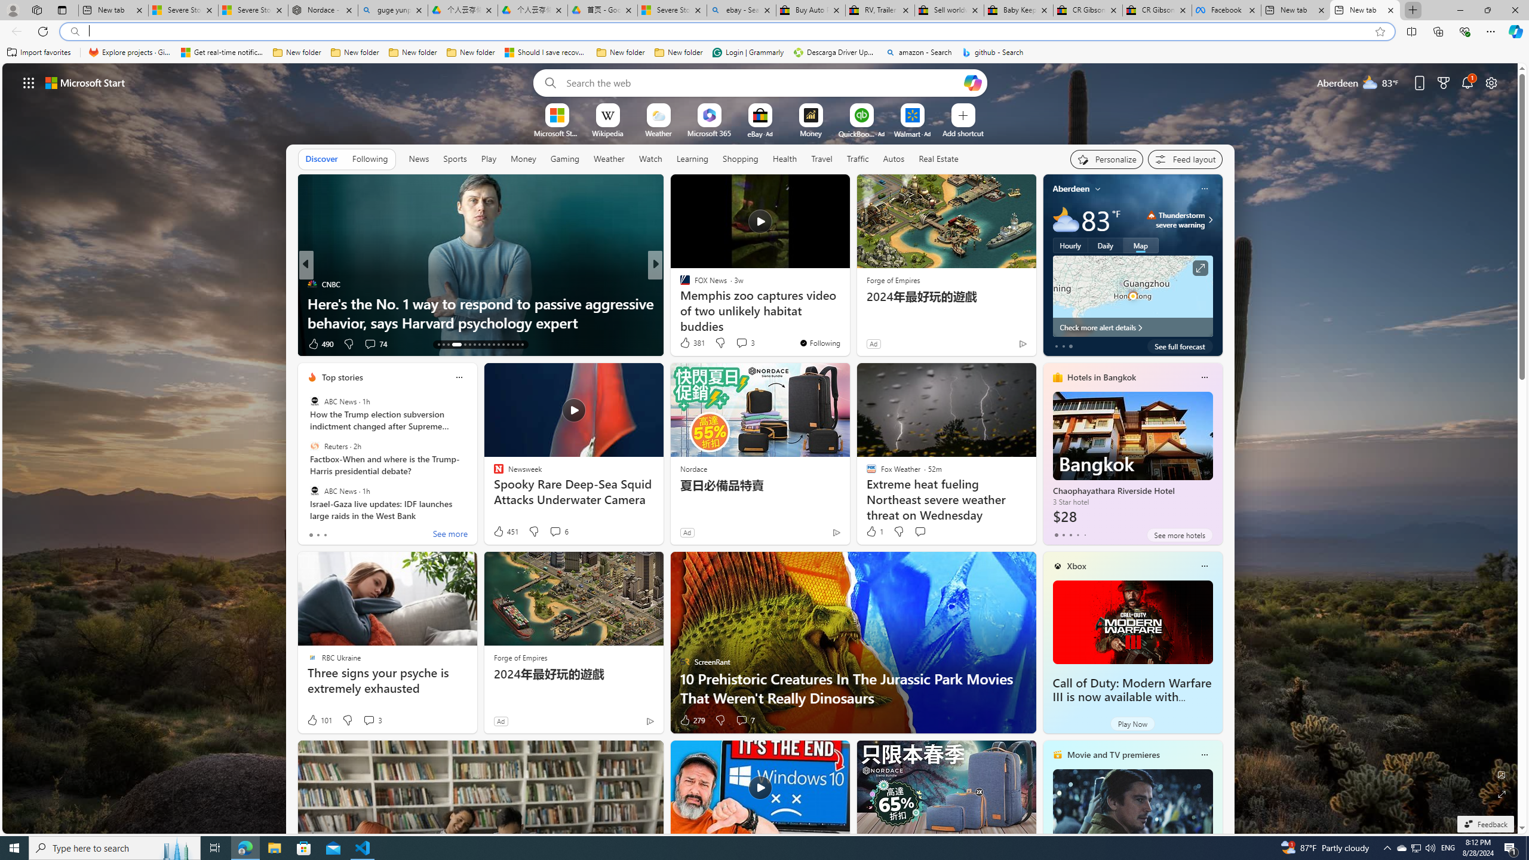 This screenshot has width=1529, height=860. I want to click on 'AutomationID: tab-24', so click(498, 345).